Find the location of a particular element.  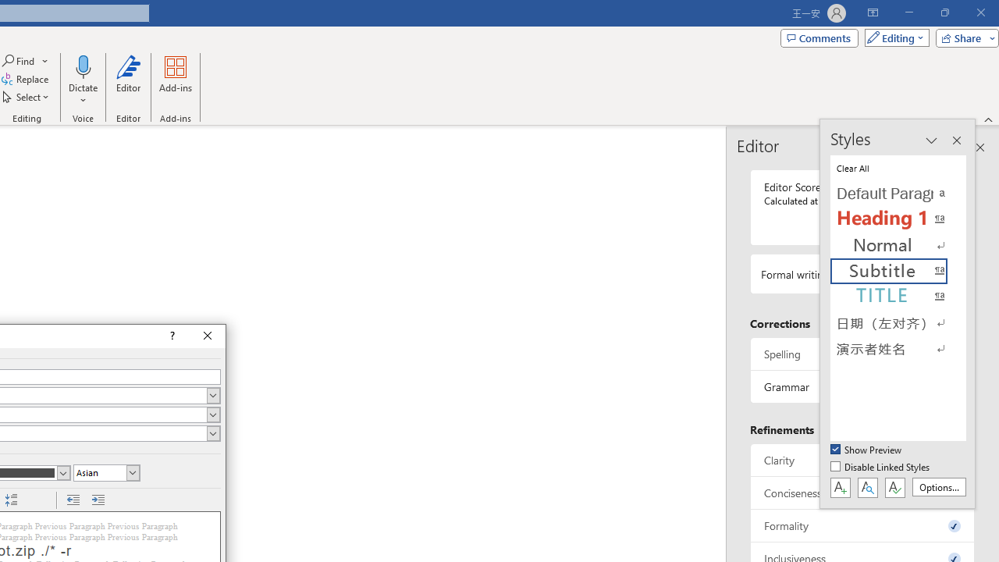

'Clear All' is located at coordinates (898, 168).